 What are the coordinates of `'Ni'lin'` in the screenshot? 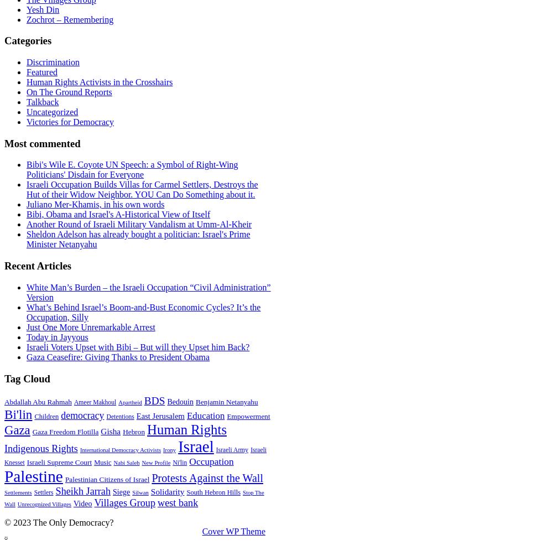 It's located at (180, 462).